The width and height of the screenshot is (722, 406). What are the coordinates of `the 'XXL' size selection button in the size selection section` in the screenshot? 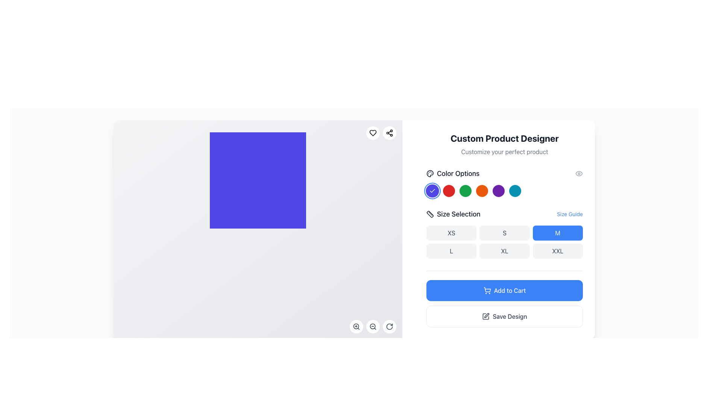 It's located at (558, 251).